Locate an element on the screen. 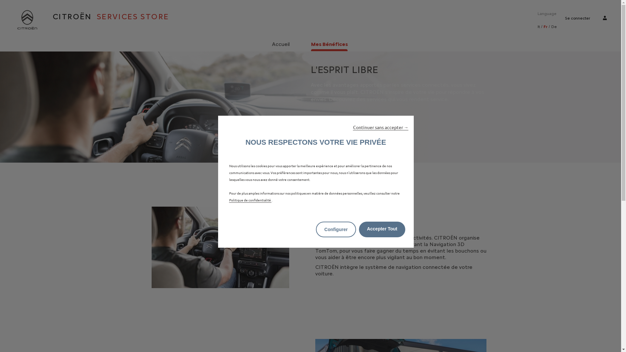 This screenshot has height=352, width=626. 'Accepter Tout' is located at coordinates (382, 229).